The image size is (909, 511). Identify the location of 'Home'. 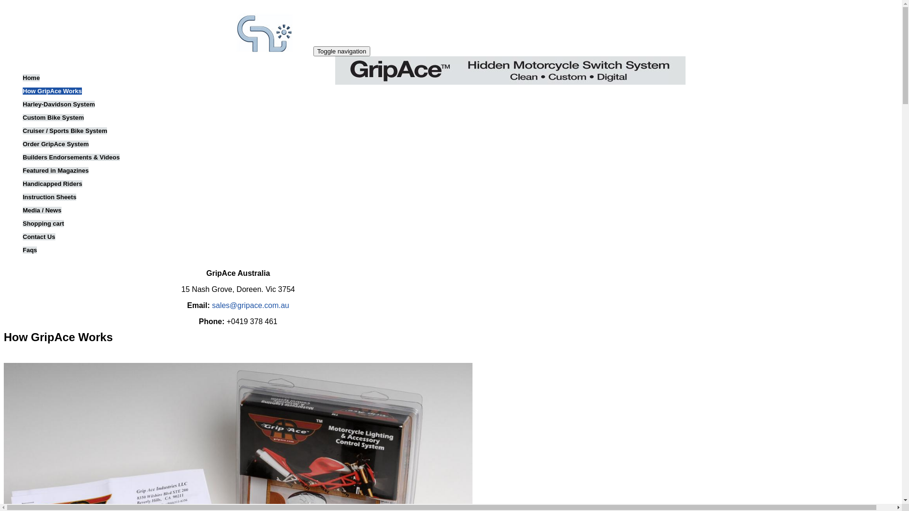
(31, 77).